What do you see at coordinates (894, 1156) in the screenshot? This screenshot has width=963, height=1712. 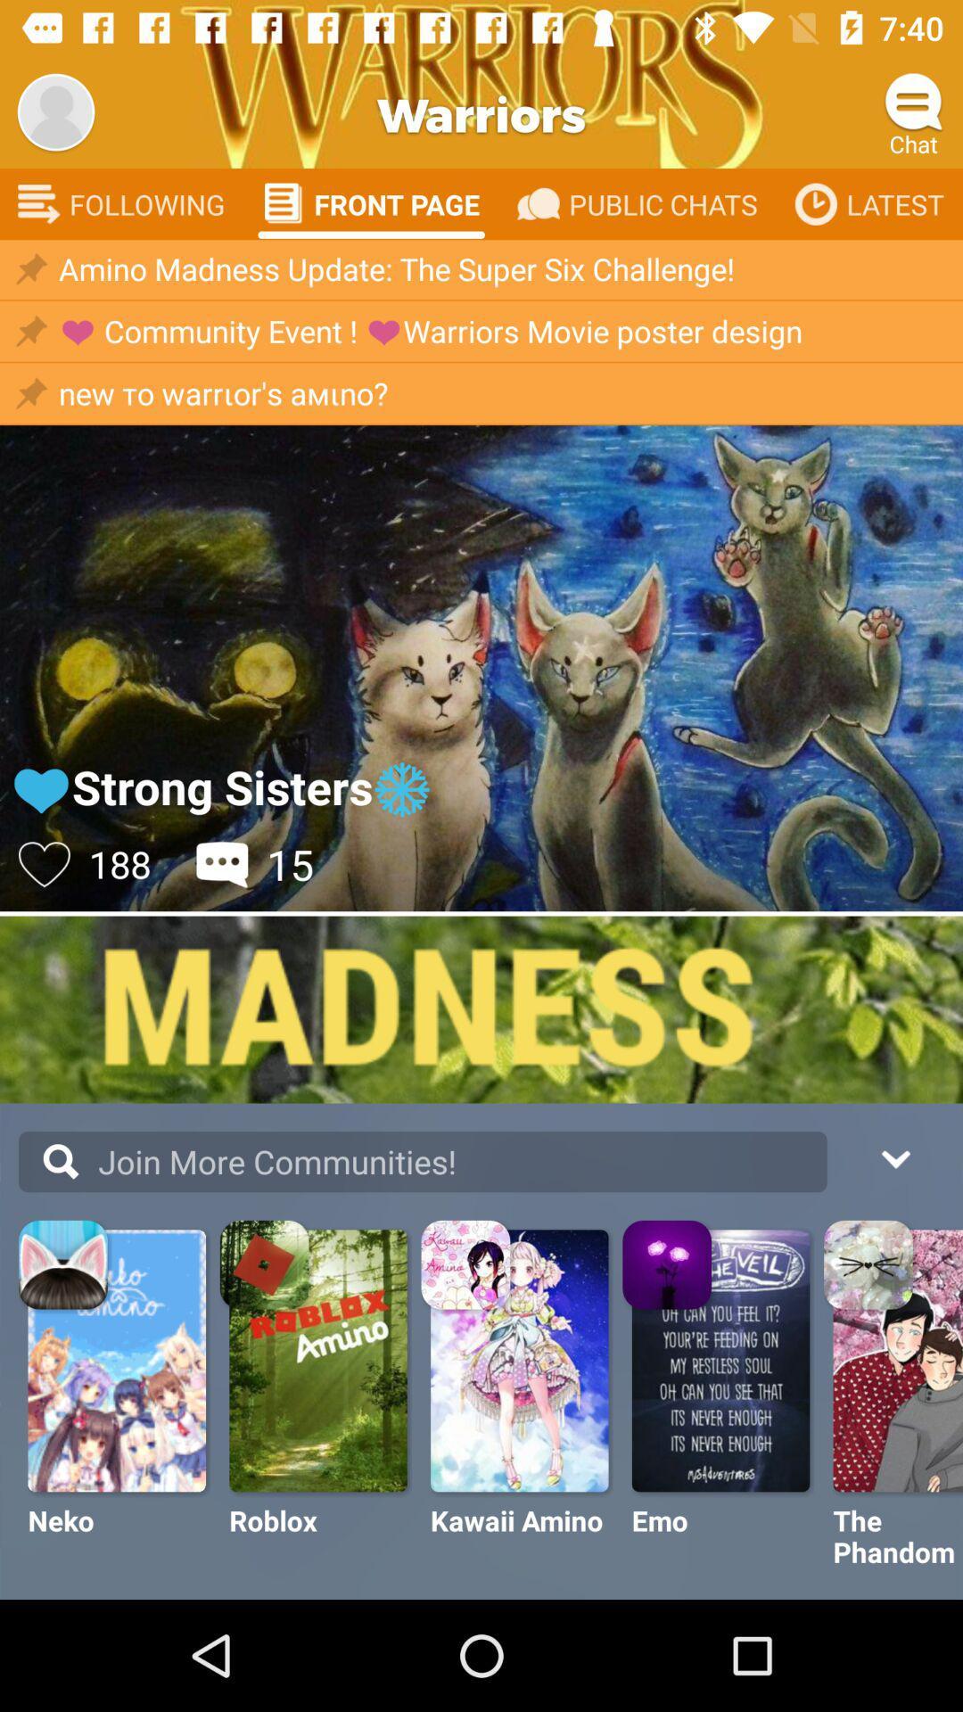 I see `the expand_more icon` at bounding box center [894, 1156].